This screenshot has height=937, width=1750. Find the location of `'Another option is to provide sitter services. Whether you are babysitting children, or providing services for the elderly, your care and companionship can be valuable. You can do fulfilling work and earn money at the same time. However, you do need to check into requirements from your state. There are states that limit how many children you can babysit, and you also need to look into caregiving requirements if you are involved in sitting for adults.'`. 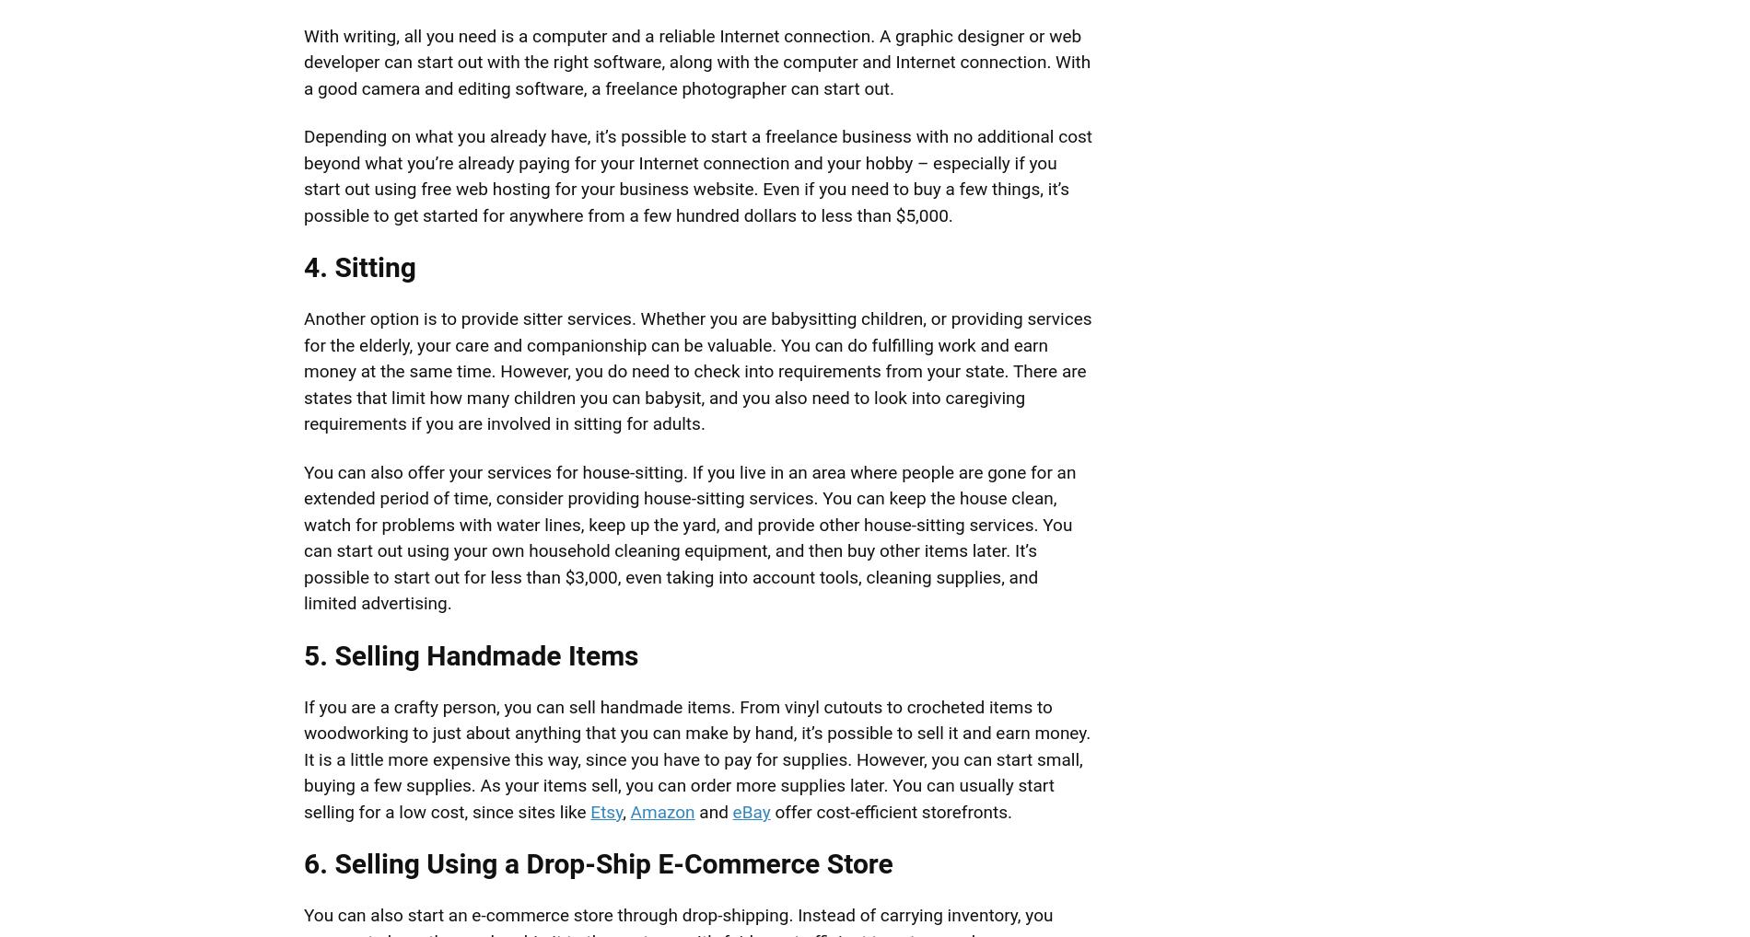

'Another option is to provide sitter services. Whether you are babysitting children, or providing services for the elderly, your care and companionship can be valuable. You can do fulfilling work and earn money at the same time. However, you do need to check into requirements from your state. There are states that limit how many children you can babysit, and you also need to look into caregiving requirements if you are involved in sitting for adults.' is located at coordinates (696, 371).